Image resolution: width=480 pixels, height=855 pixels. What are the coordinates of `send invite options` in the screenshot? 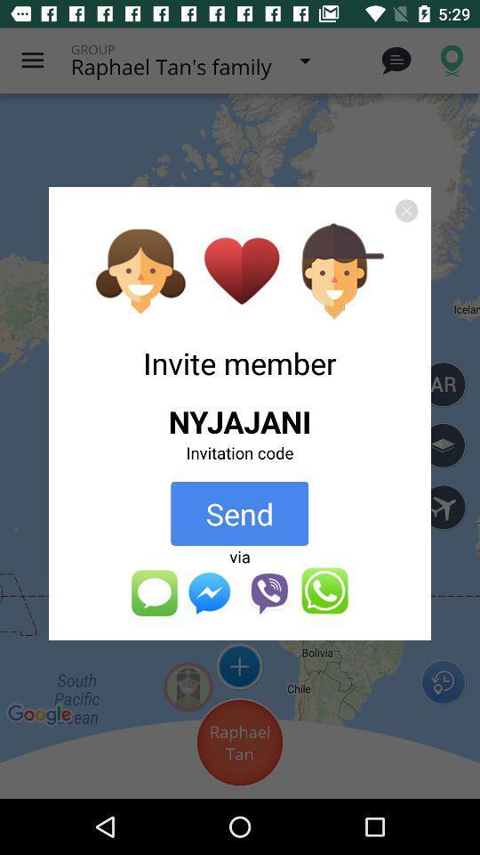 It's located at (239, 592).